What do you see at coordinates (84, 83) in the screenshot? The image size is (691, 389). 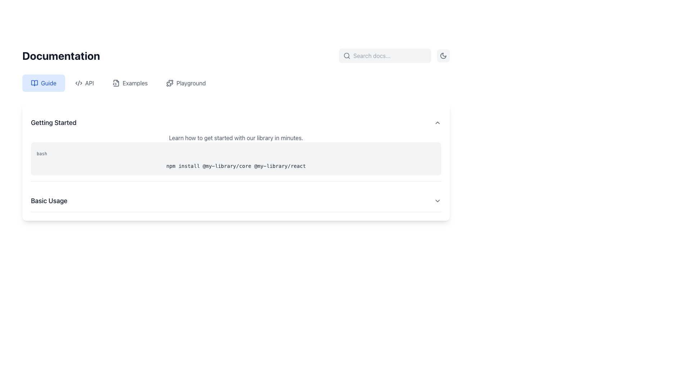 I see `the 'API' button in the navigation menu, which is styled with a gray font and features XML code brackets` at bounding box center [84, 83].